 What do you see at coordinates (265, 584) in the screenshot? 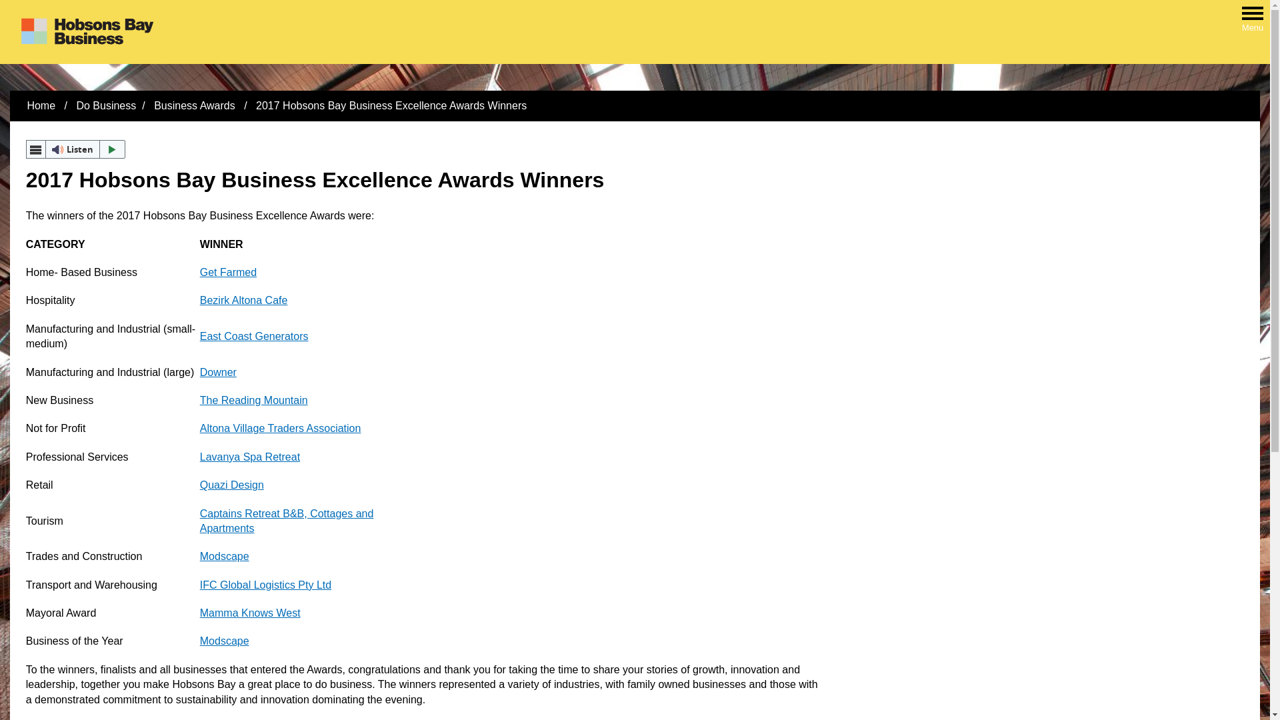
I see `'IFC Global Logistics Pty Ltd'` at bounding box center [265, 584].